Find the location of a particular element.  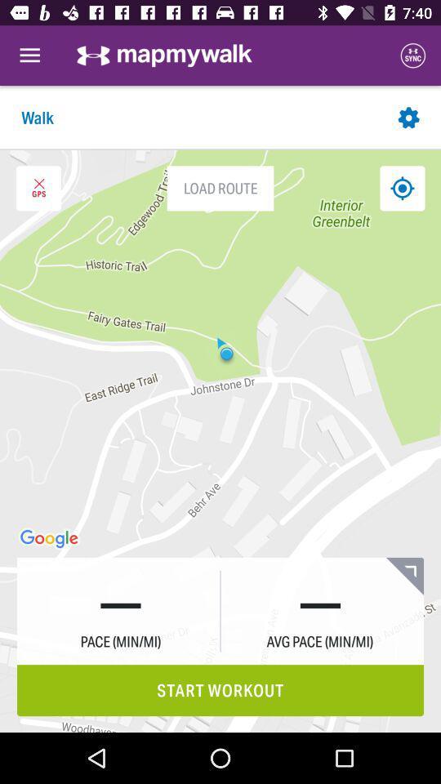

the load route icon is located at coordinates (220, 188).